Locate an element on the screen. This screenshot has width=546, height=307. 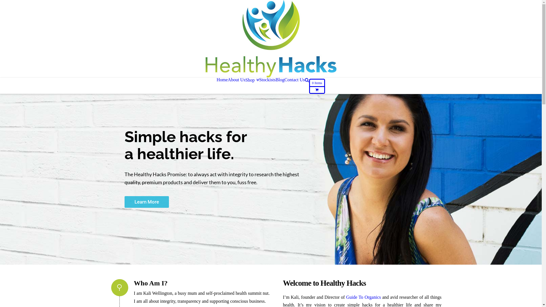
'Shop' is located at coordinates (245, 80).